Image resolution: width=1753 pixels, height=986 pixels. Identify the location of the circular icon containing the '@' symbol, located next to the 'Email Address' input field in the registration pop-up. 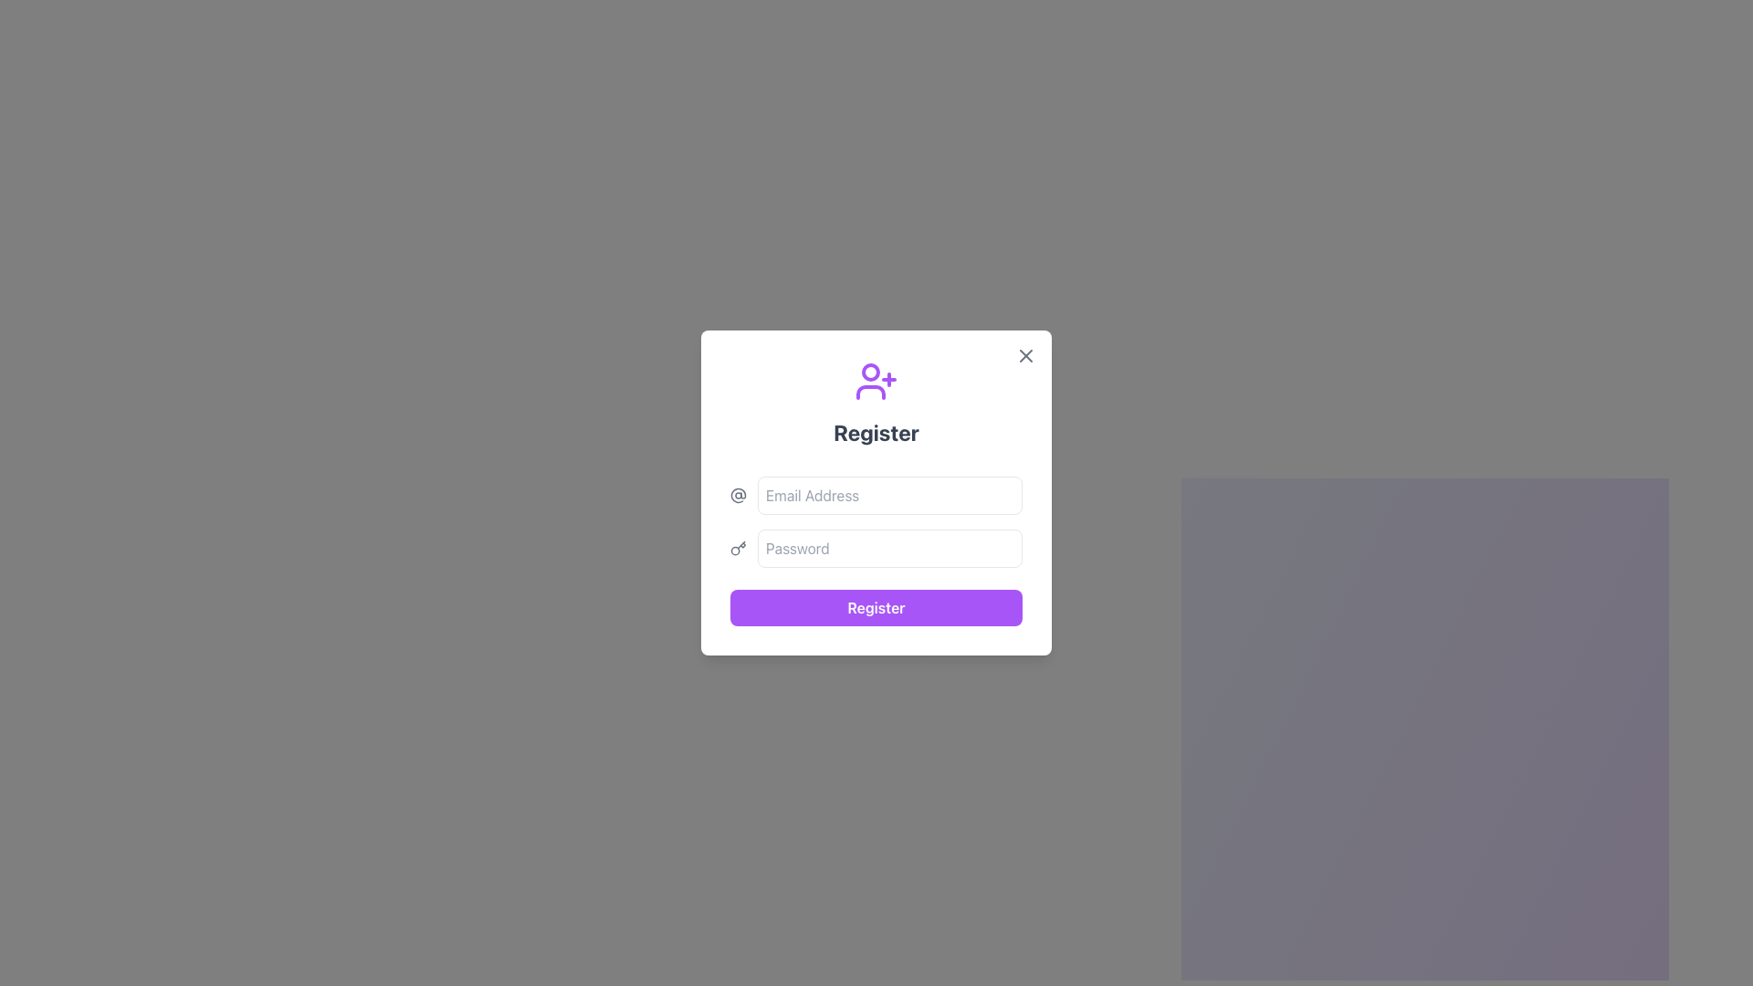
(739, 496).